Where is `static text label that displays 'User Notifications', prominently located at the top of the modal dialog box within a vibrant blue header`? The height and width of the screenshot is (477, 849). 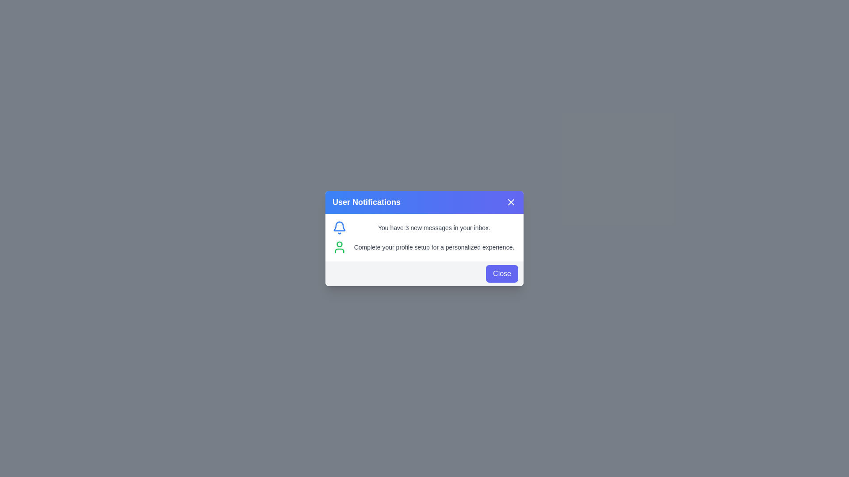
static text label that displays 'User Notifications', prominently located at the top of the modal dialog box within a vibrant blue header is located at coordinates (367, 202).